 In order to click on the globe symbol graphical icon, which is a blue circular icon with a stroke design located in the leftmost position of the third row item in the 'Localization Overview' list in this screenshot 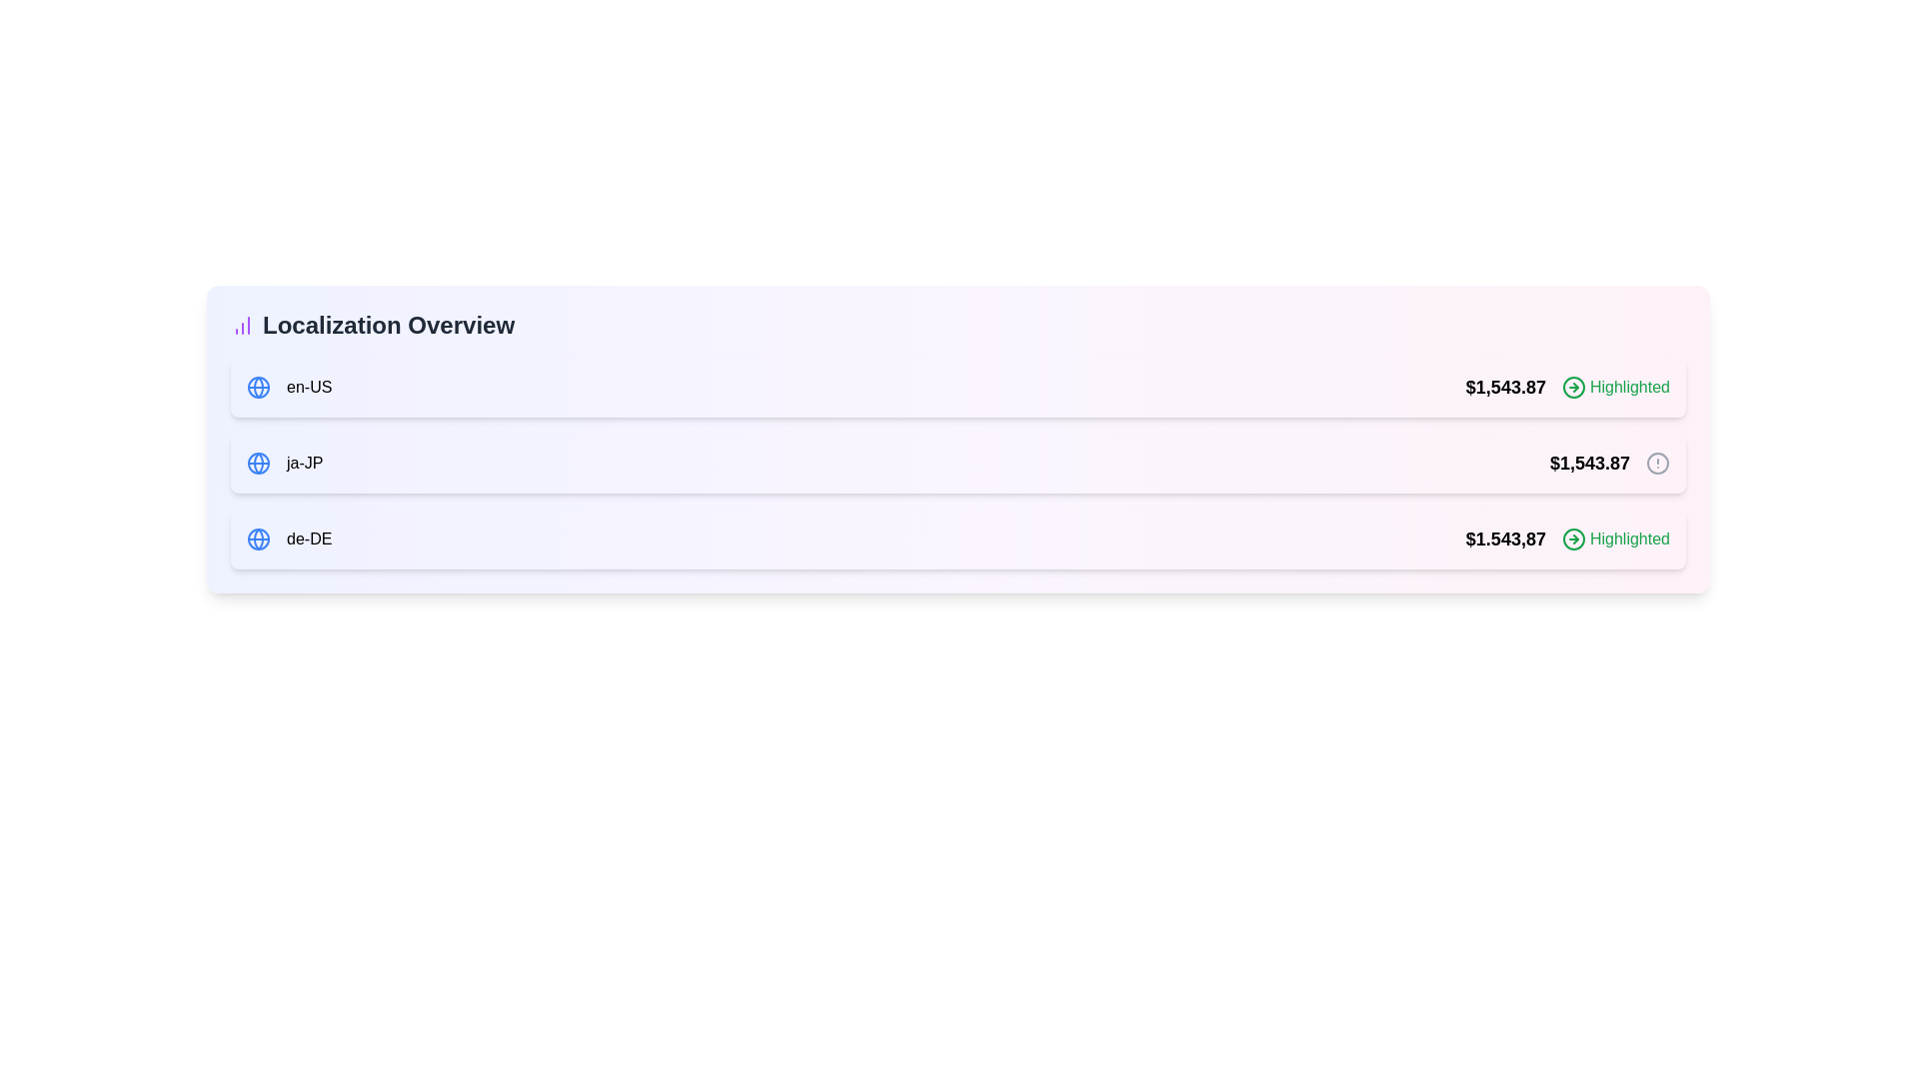, I will do `click(258, 539)`.